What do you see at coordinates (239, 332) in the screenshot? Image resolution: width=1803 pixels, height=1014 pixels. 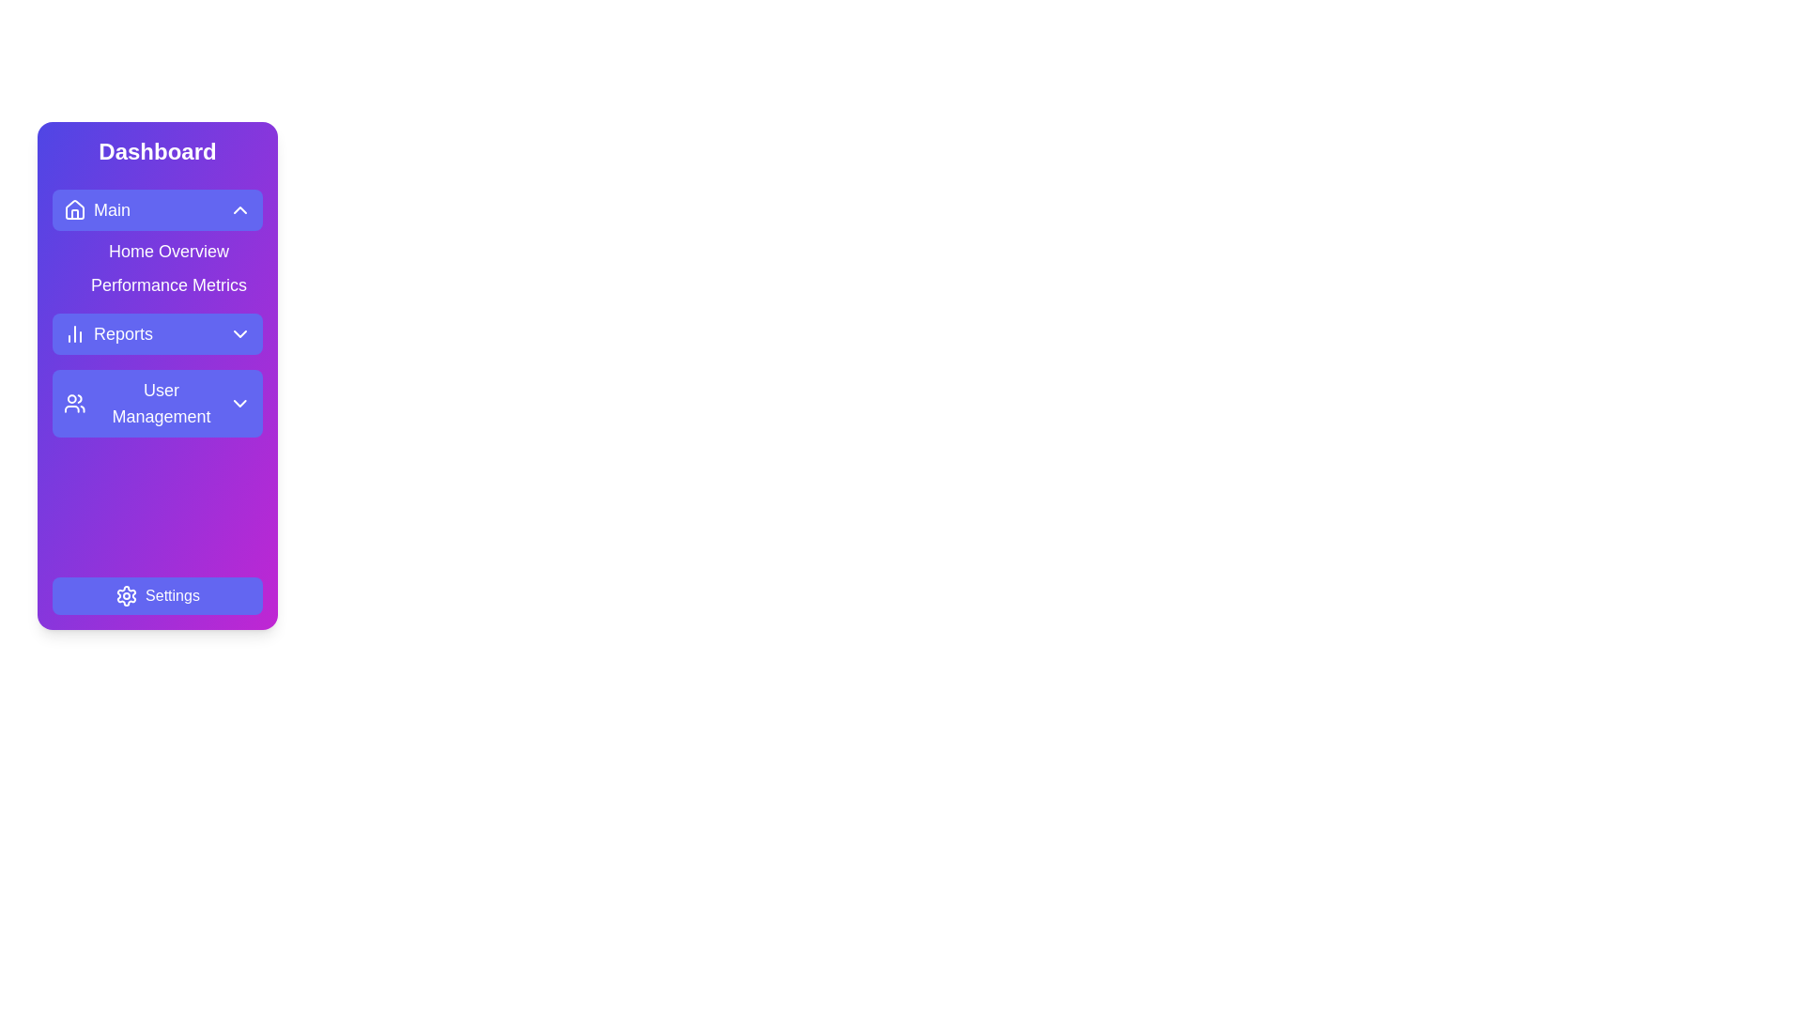 I see `the chevron icon located at the center-right of the 'Reports' button in the vertical navigation bar` at bounding box center [239, 332].